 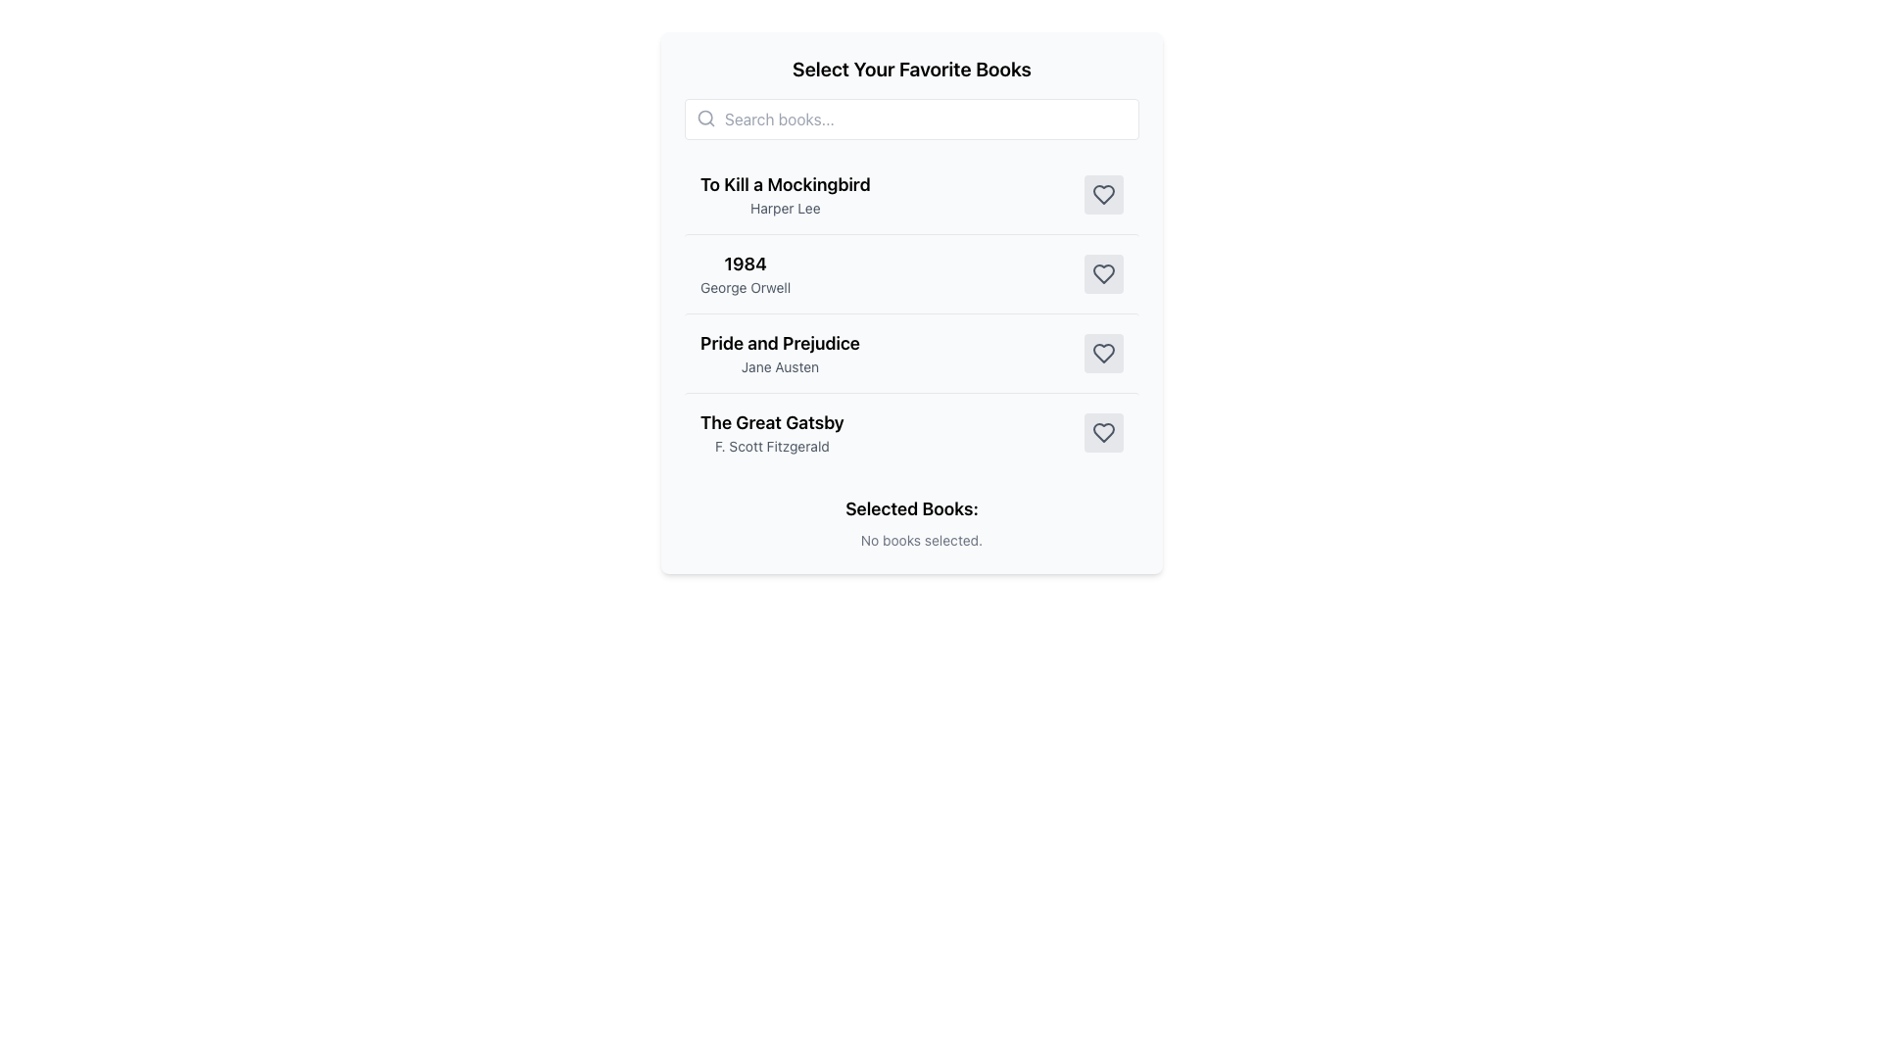 What do you see at coordinates (911, 353) in the screenshot?
I see `or interact with the list item for 'Pride and Prejudice' by Jane Austen to view more details about the book` at bounding box center [911, 353].